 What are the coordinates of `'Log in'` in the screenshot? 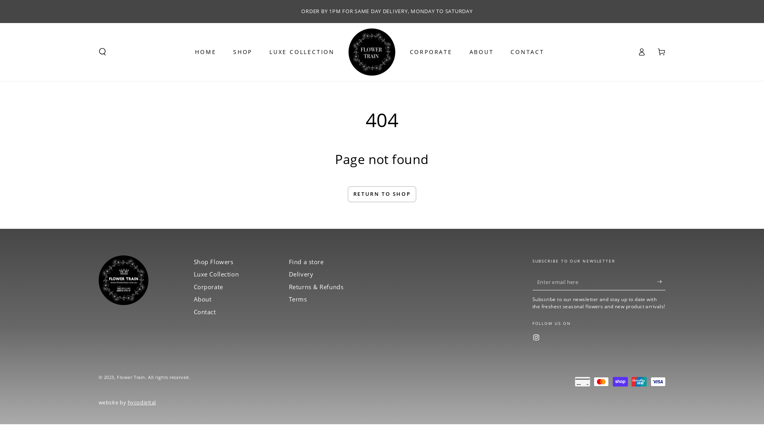 It's located at (641, 52).